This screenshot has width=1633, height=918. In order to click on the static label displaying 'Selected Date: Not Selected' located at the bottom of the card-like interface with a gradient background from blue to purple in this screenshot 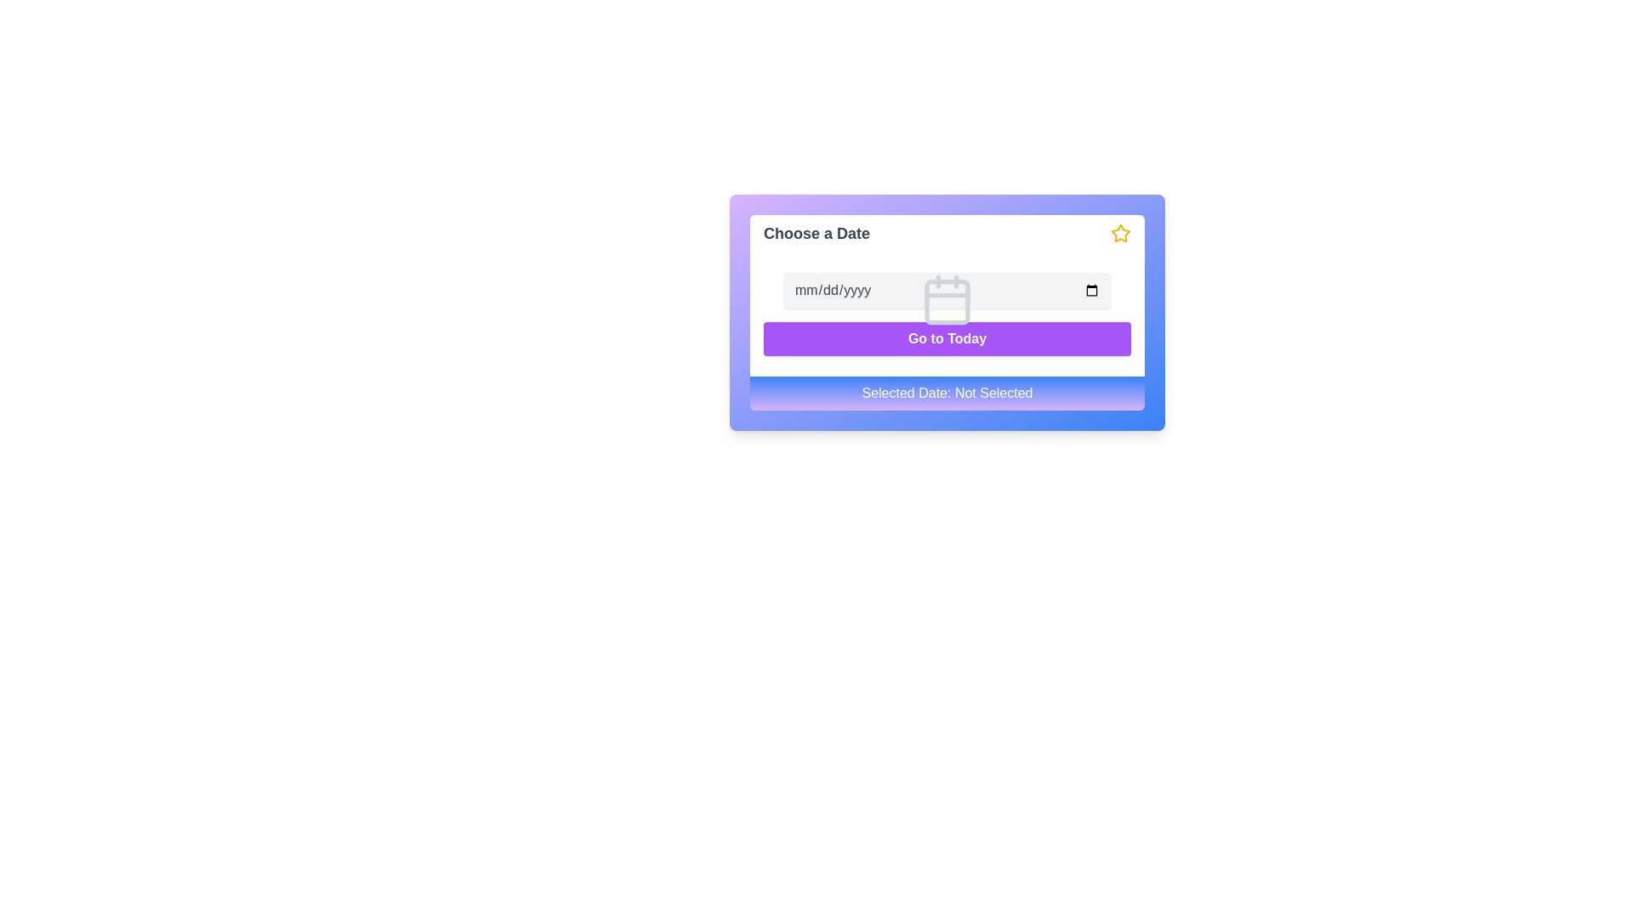, I will do `click(946, 393)`.